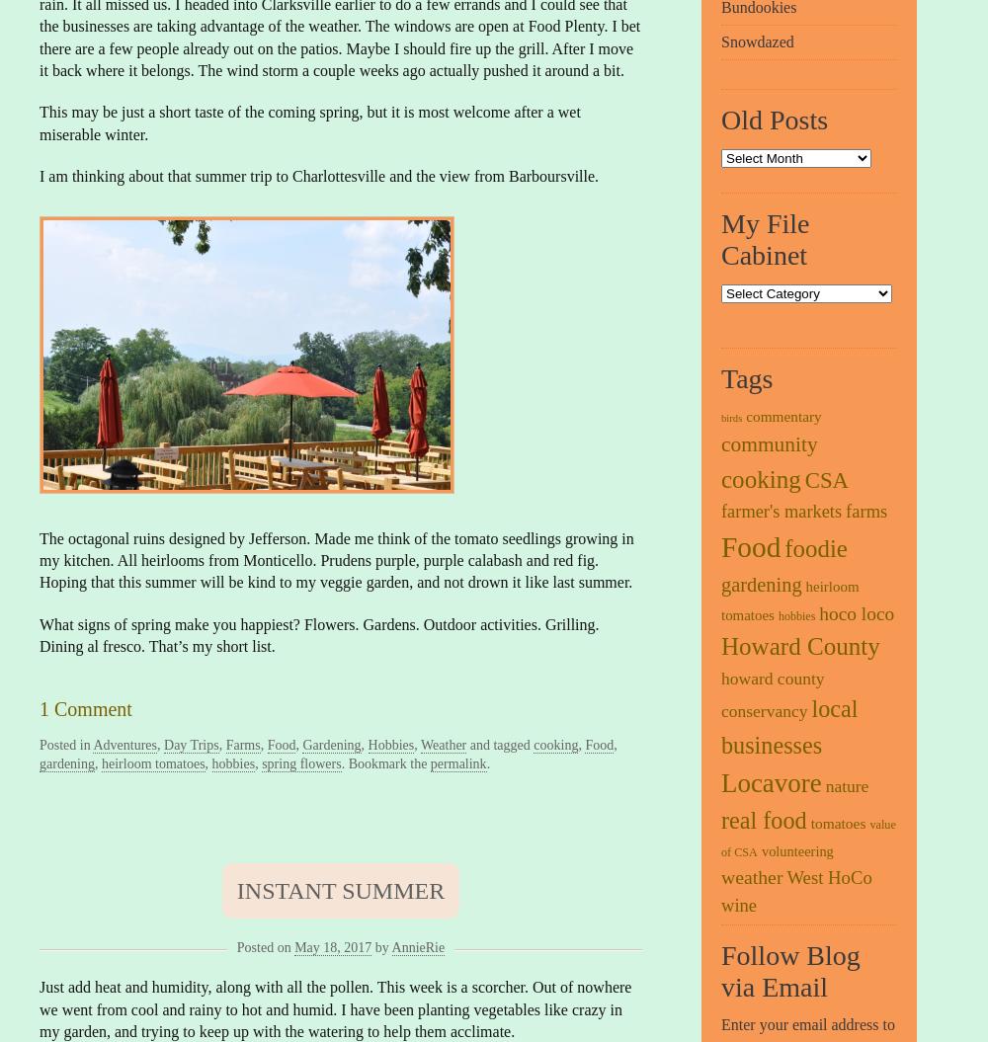 This screenshot has width=988, height=1042. What do you see at coordinates (789, 726) in the screenshot?
I see `'local businesses'` at bounding box center [789, 726].